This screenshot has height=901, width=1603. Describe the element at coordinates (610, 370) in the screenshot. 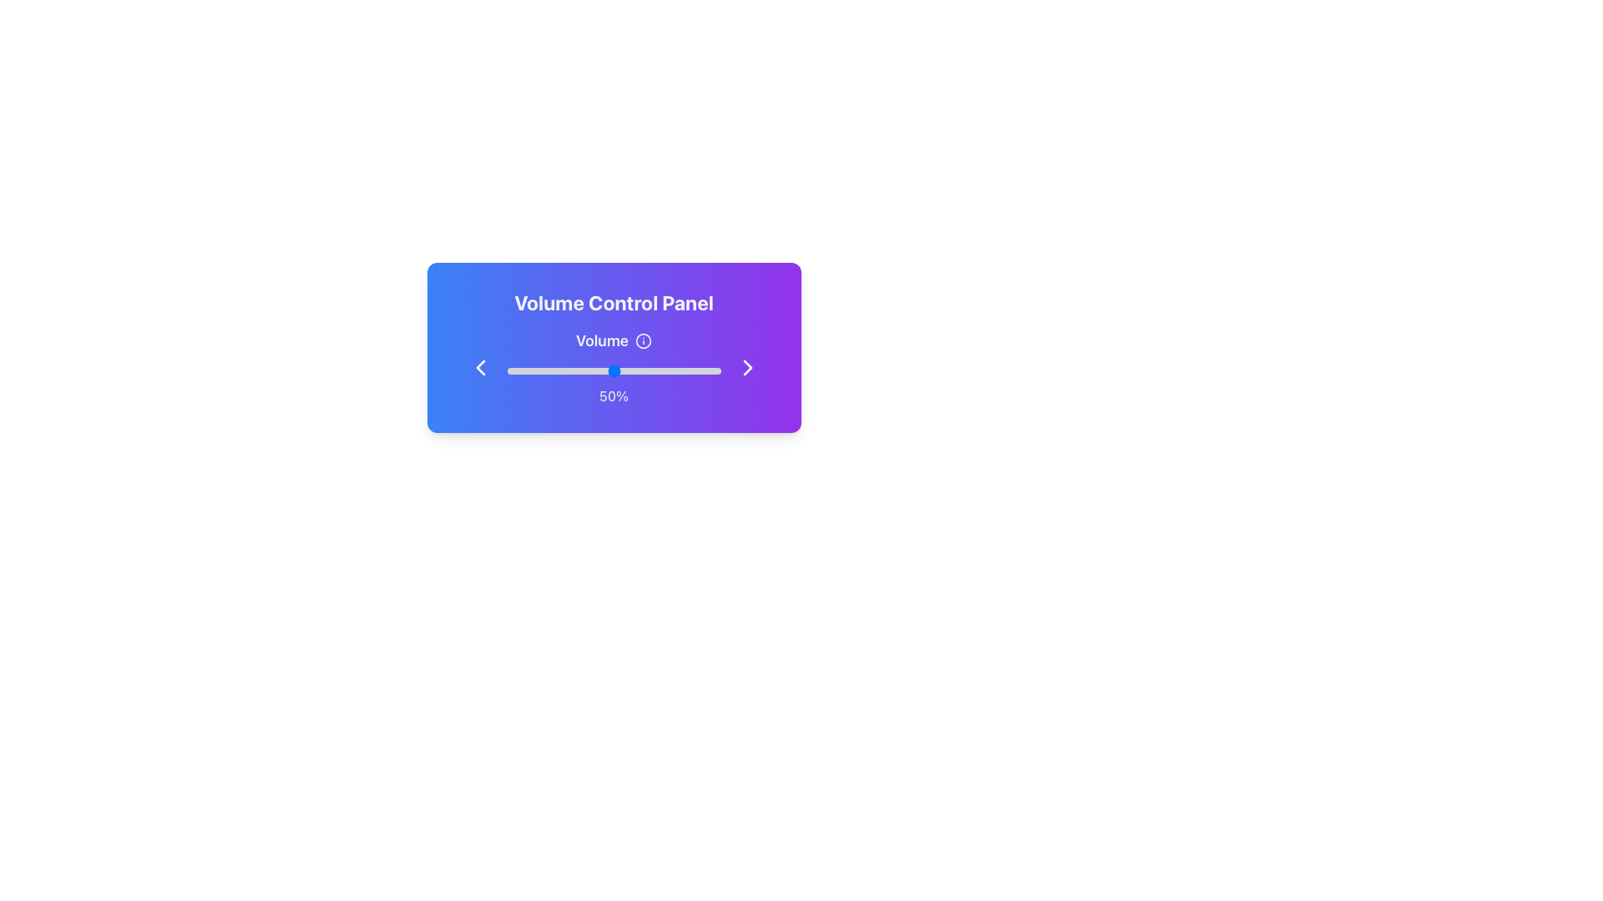

I see `the slider` at that location.